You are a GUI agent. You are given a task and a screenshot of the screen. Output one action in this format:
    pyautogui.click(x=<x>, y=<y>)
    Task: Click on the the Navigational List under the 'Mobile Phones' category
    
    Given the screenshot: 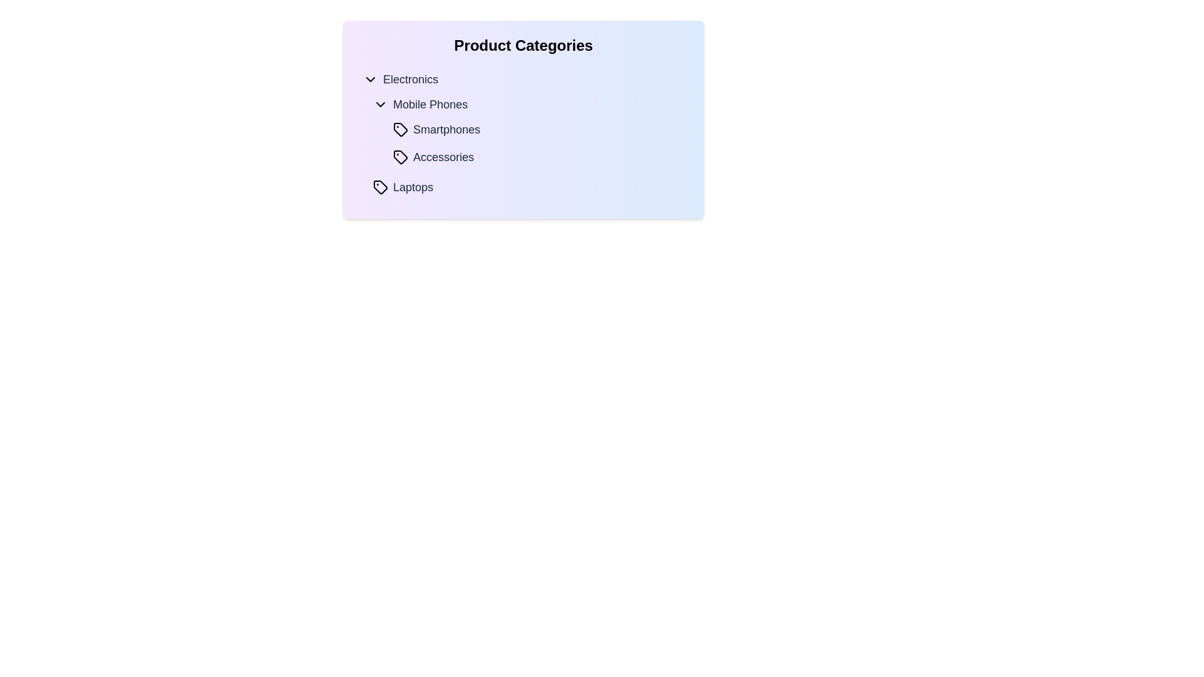 What is the action you would take?
    pyautogui.click(x=524, y=132)
    